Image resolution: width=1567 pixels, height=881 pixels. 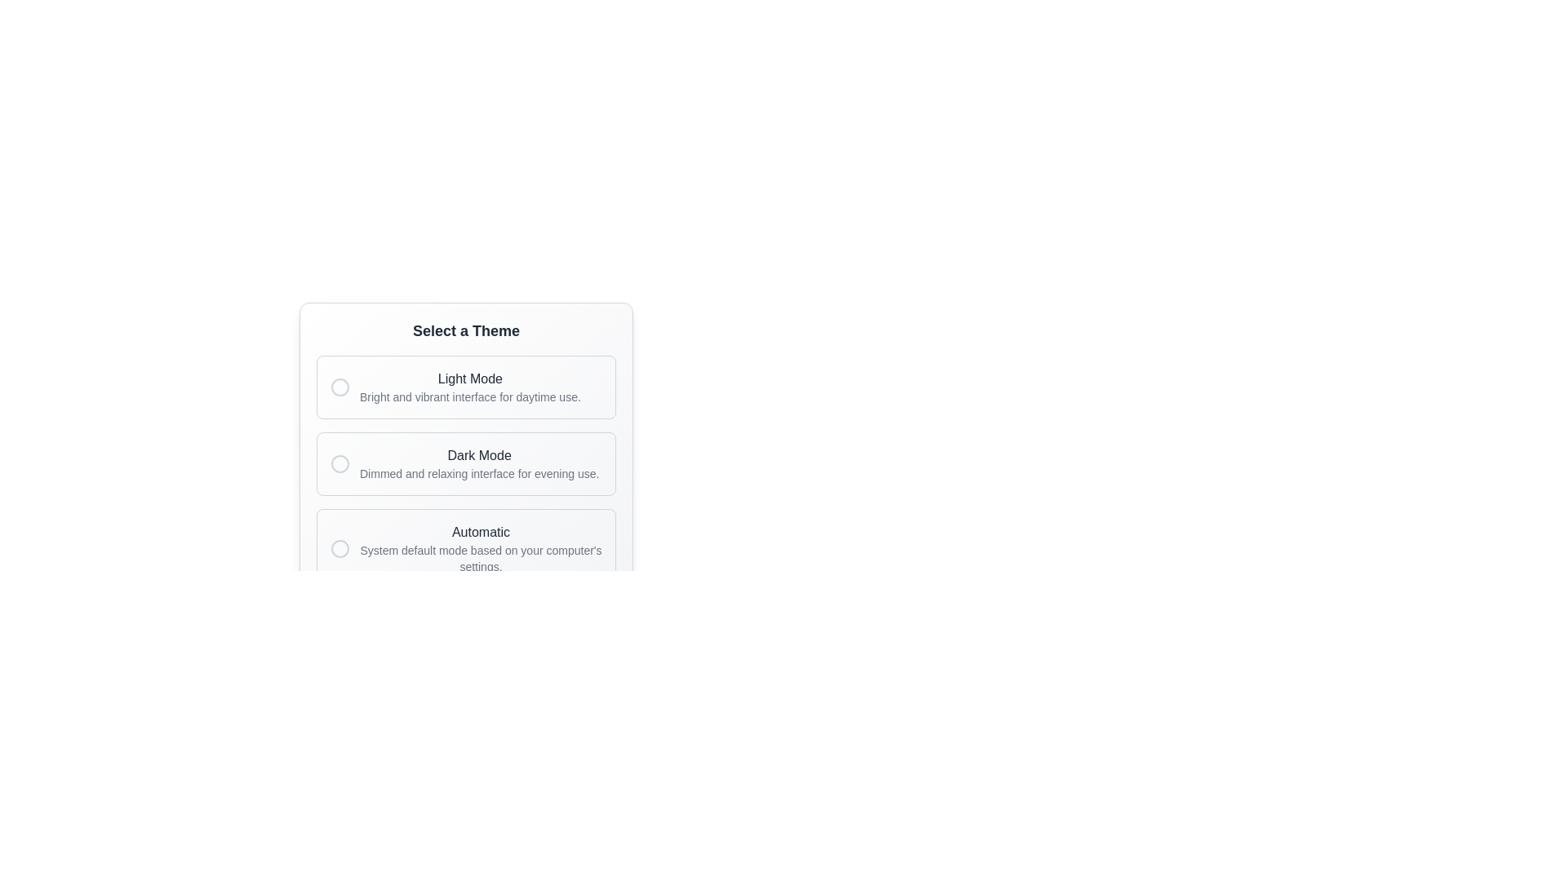 What do you see at coordinates (480, 532) in the screenshot?
I see `the label that indicates the third theme option, which adjusts settings based on the system default, located above the description 'System default mode based on your computer's settings.' and below the 'Dark Mode' option` at bounding box center [480, 532].